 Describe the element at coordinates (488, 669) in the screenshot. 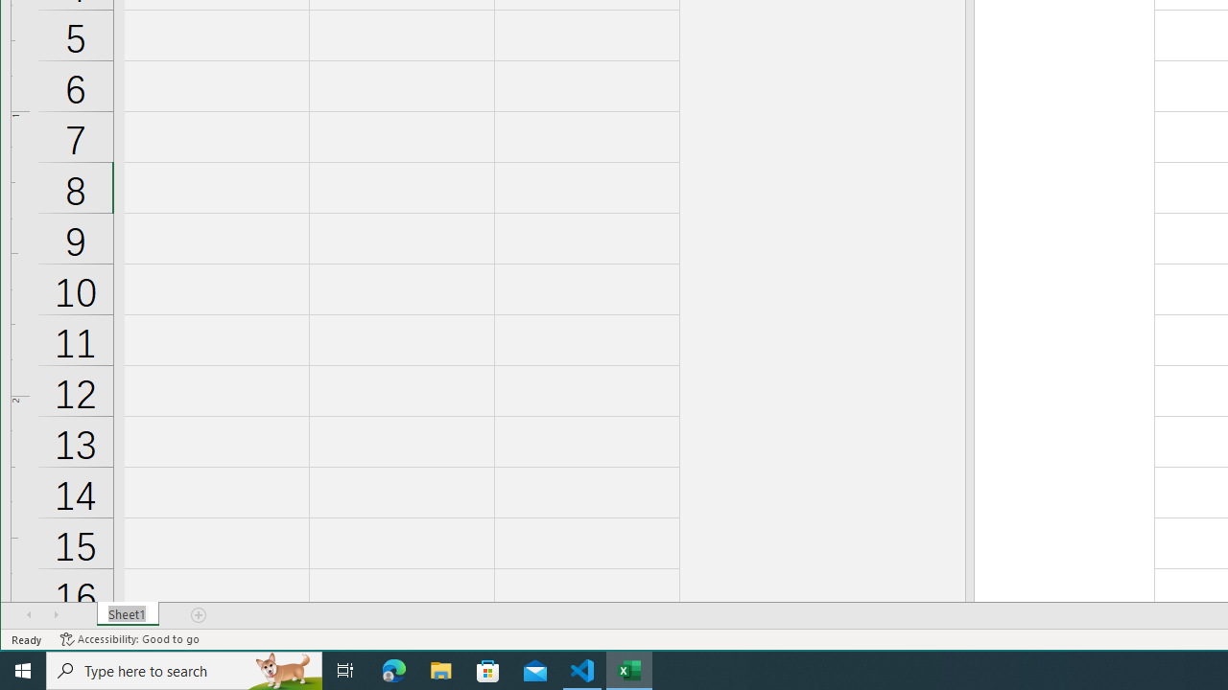

I see `'Microsoft Store'` at that location.